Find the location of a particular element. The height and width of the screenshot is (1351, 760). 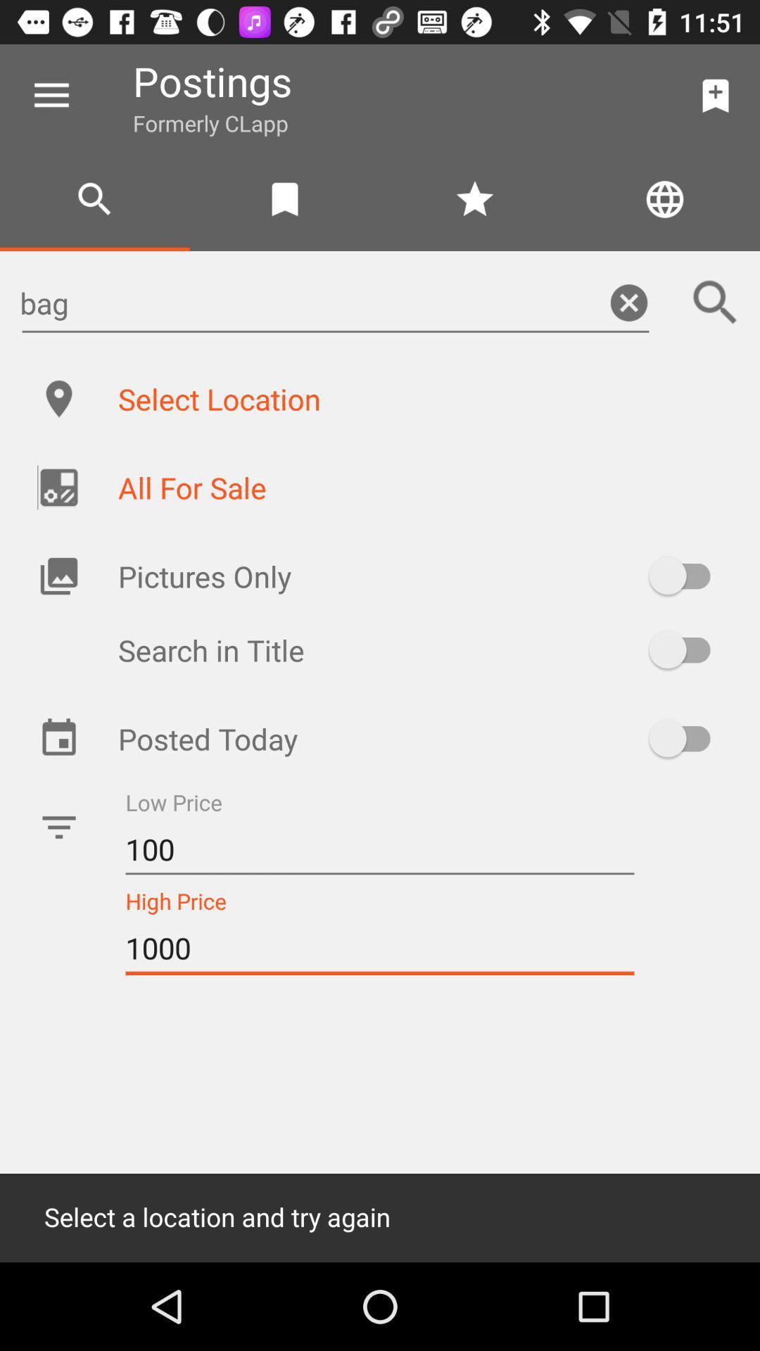

magnifying glass is located at coordinates (716, 302).